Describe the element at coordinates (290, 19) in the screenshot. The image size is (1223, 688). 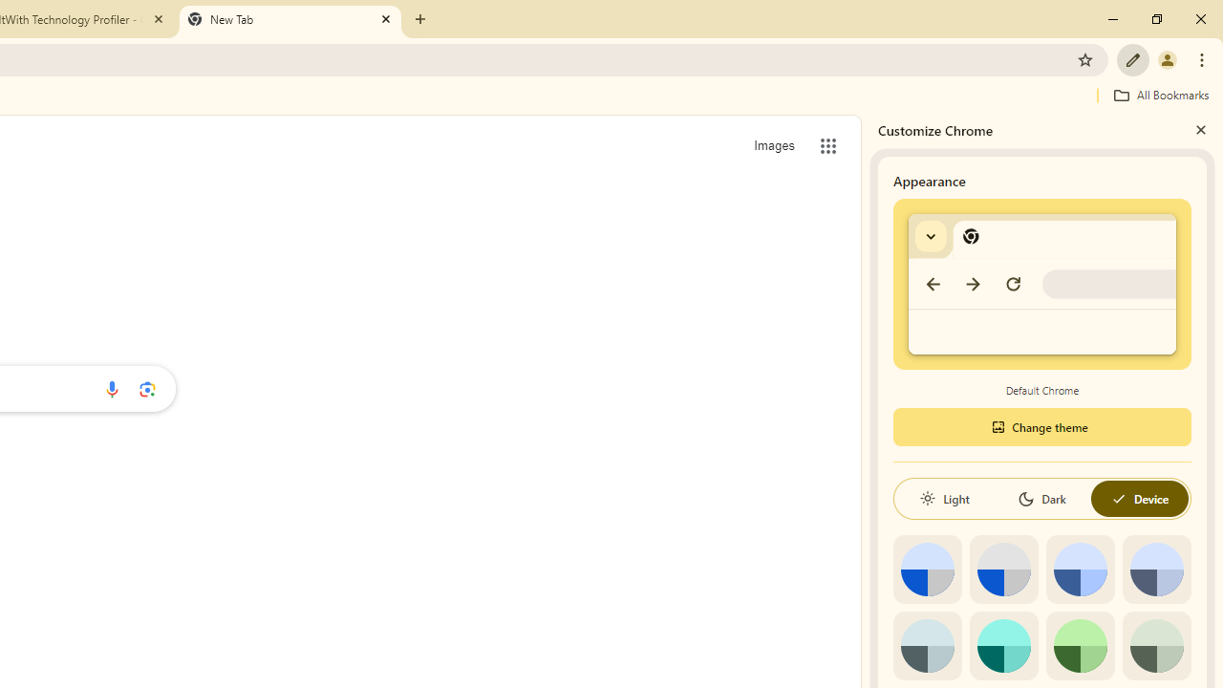
I see `'New Tab'` at that location.